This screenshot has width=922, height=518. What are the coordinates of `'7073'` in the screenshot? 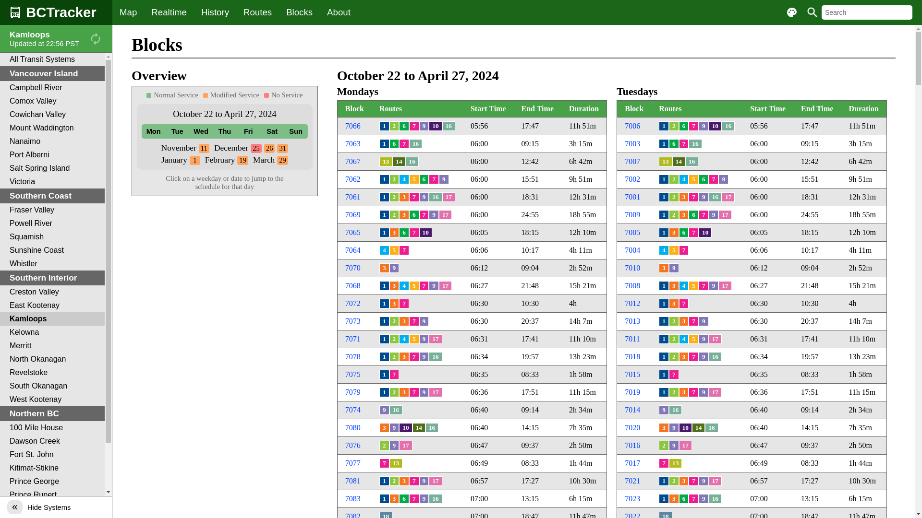 It's located at (352, 321).